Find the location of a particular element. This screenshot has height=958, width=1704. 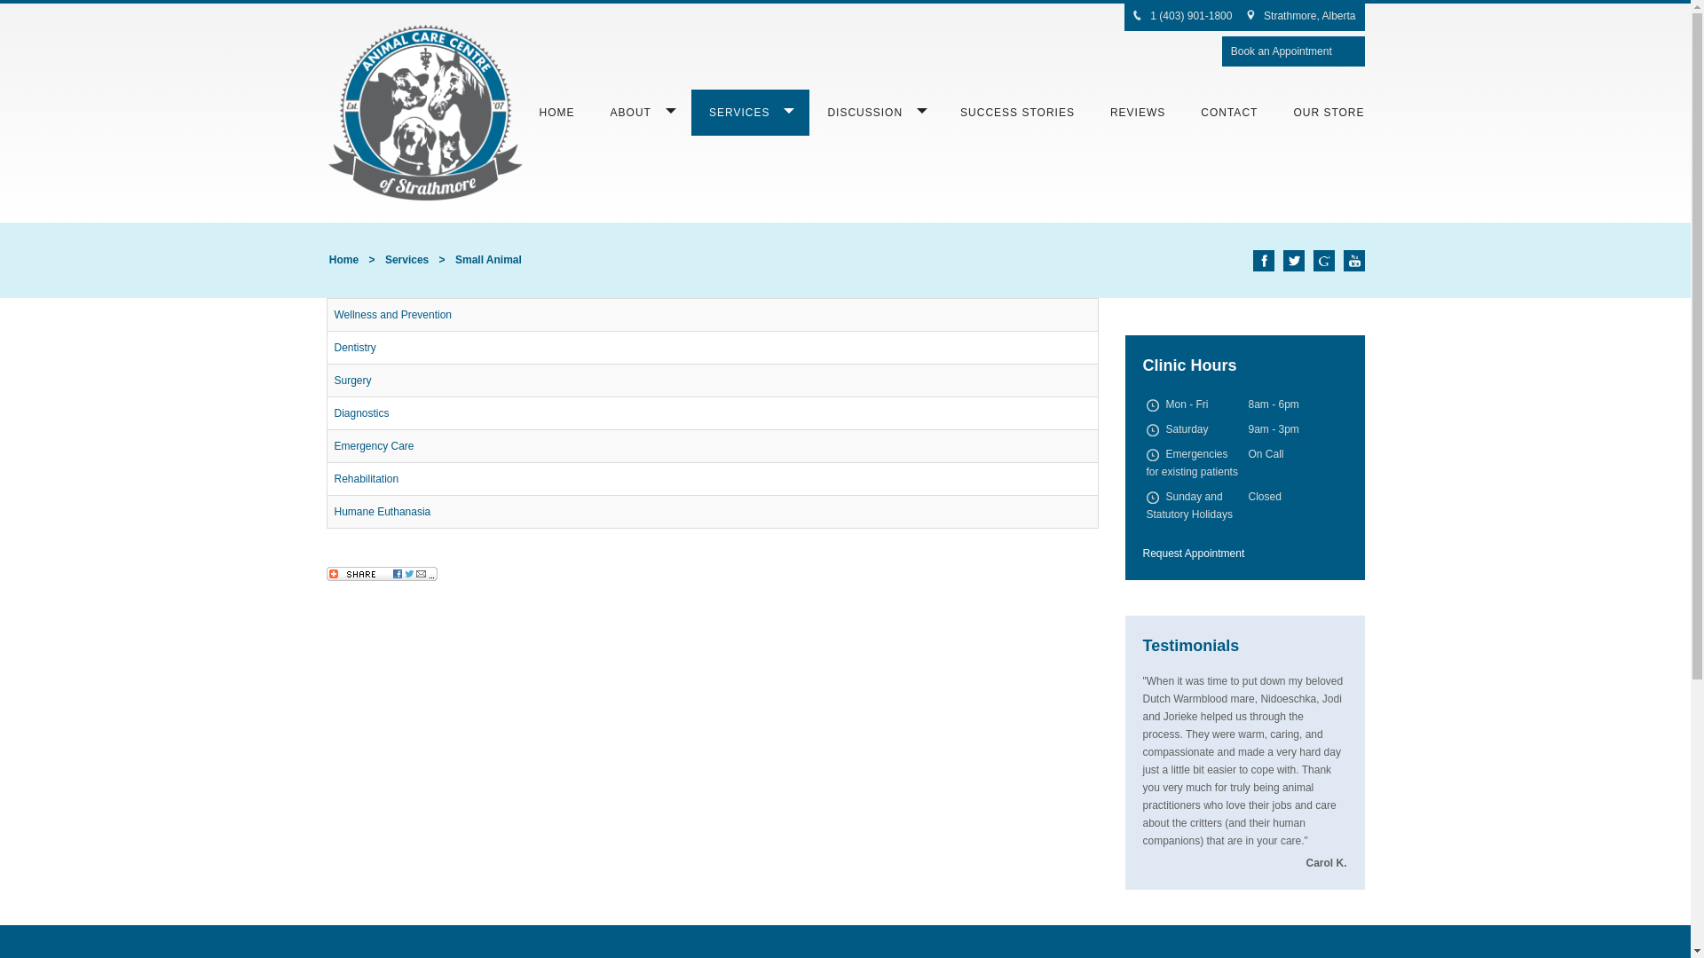

'Rehabilitation' is located at coordinates (333, 479).